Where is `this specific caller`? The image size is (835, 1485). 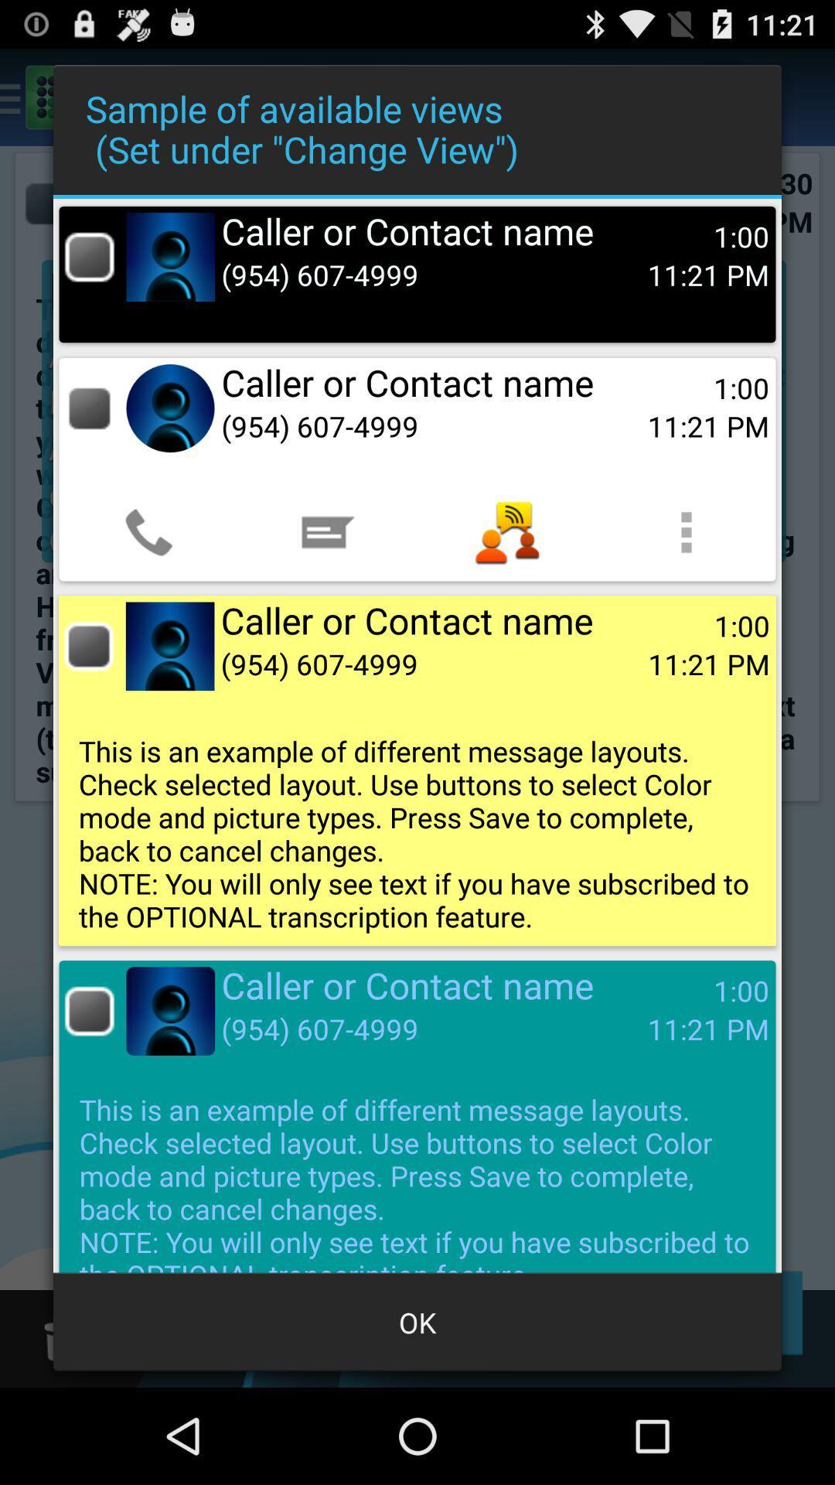
this specific caller is located at coordinates (89, 646).